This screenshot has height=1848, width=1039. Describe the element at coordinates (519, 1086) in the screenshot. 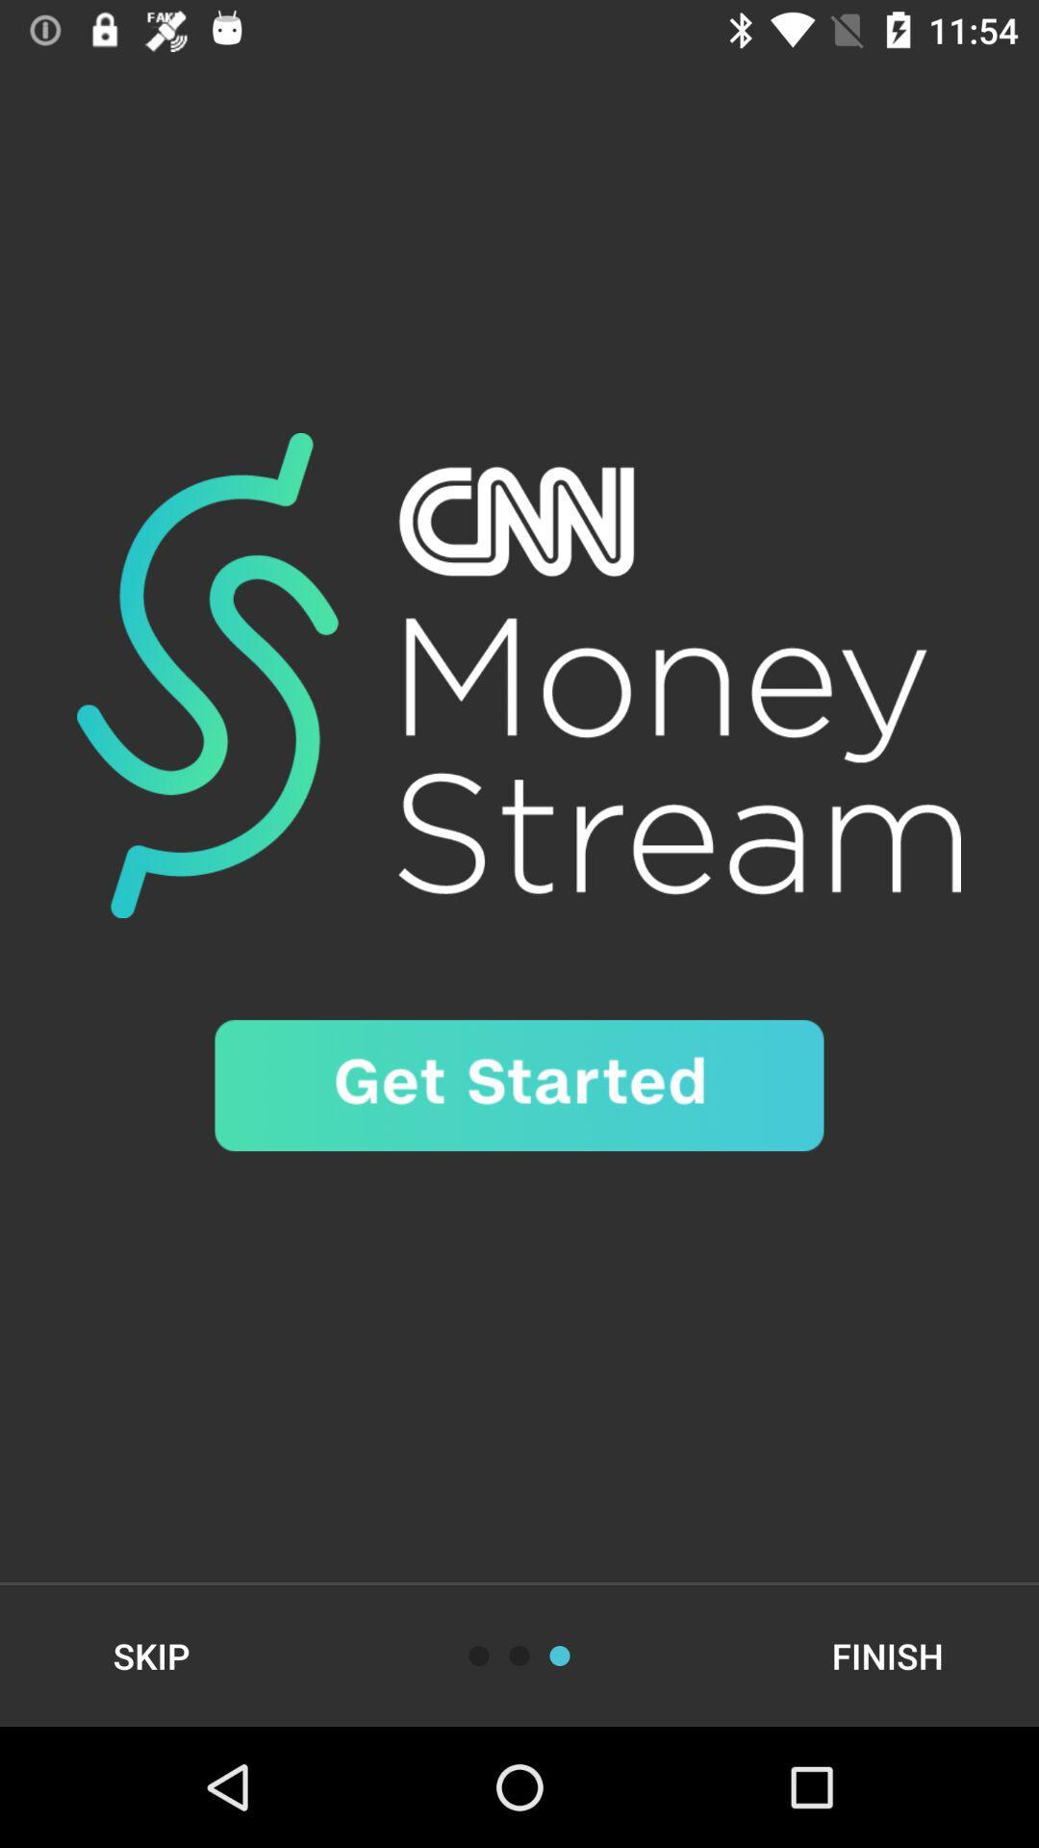

I see `get started` at that location.